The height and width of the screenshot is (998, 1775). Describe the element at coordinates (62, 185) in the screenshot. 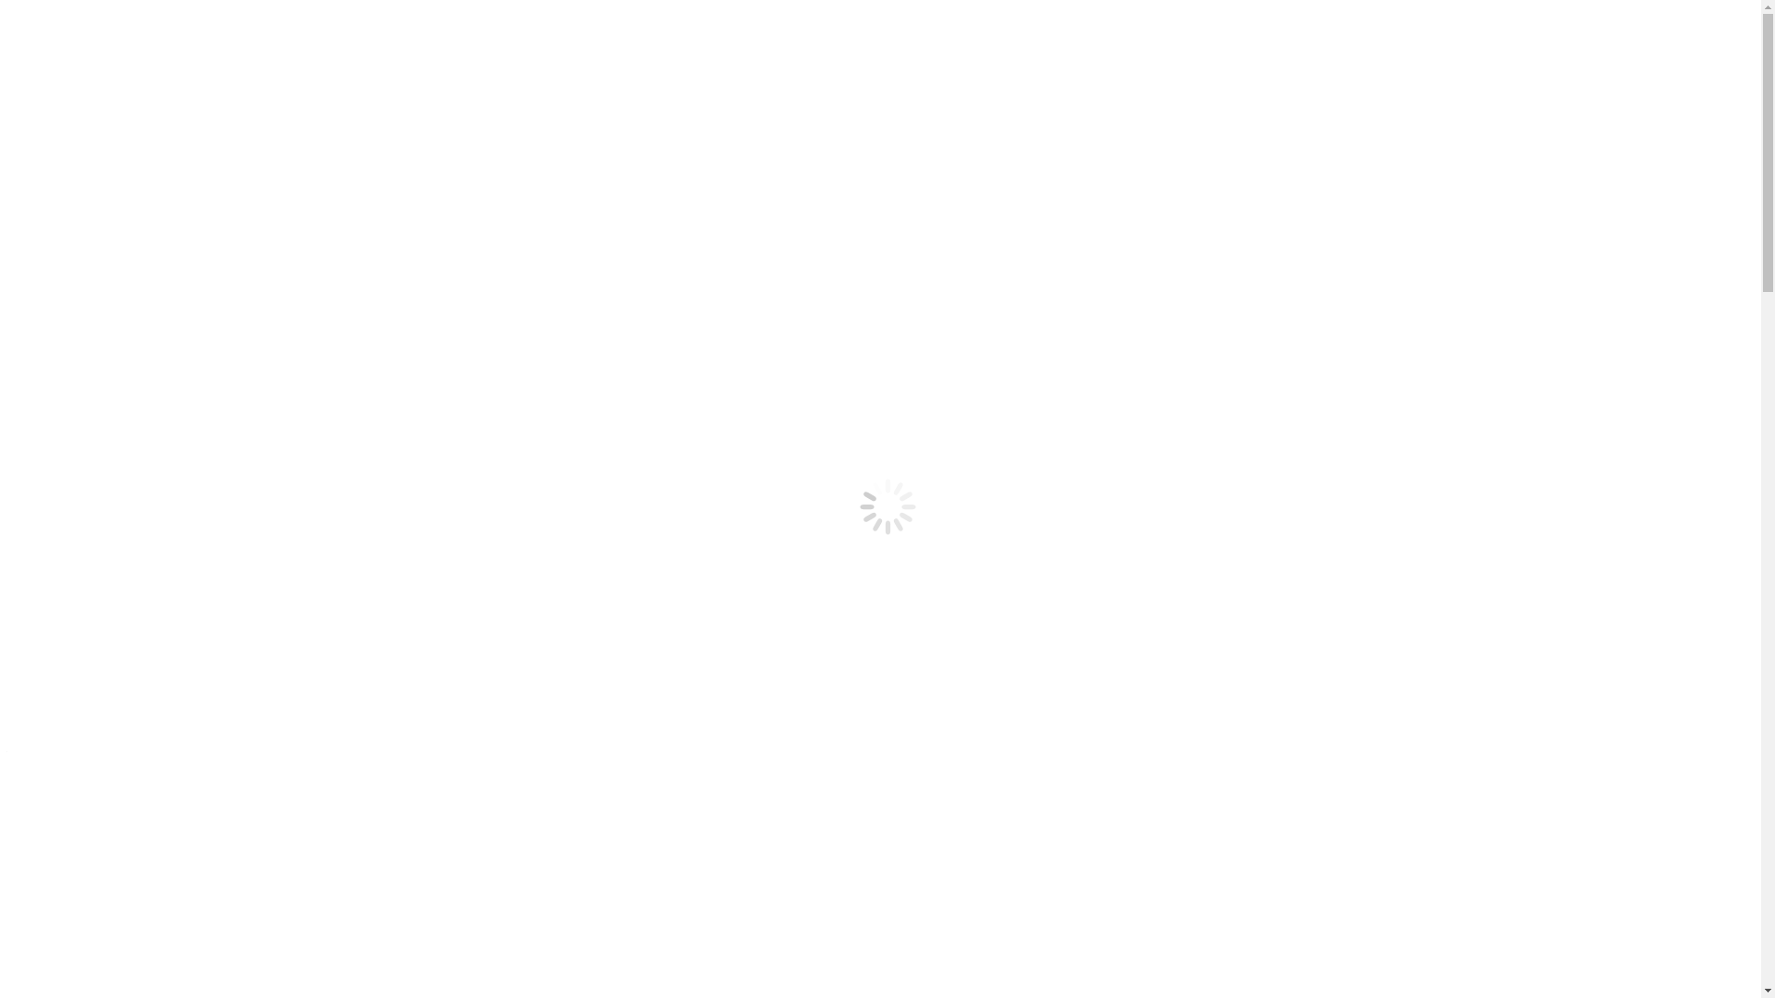

I see `'Home'` at that location.